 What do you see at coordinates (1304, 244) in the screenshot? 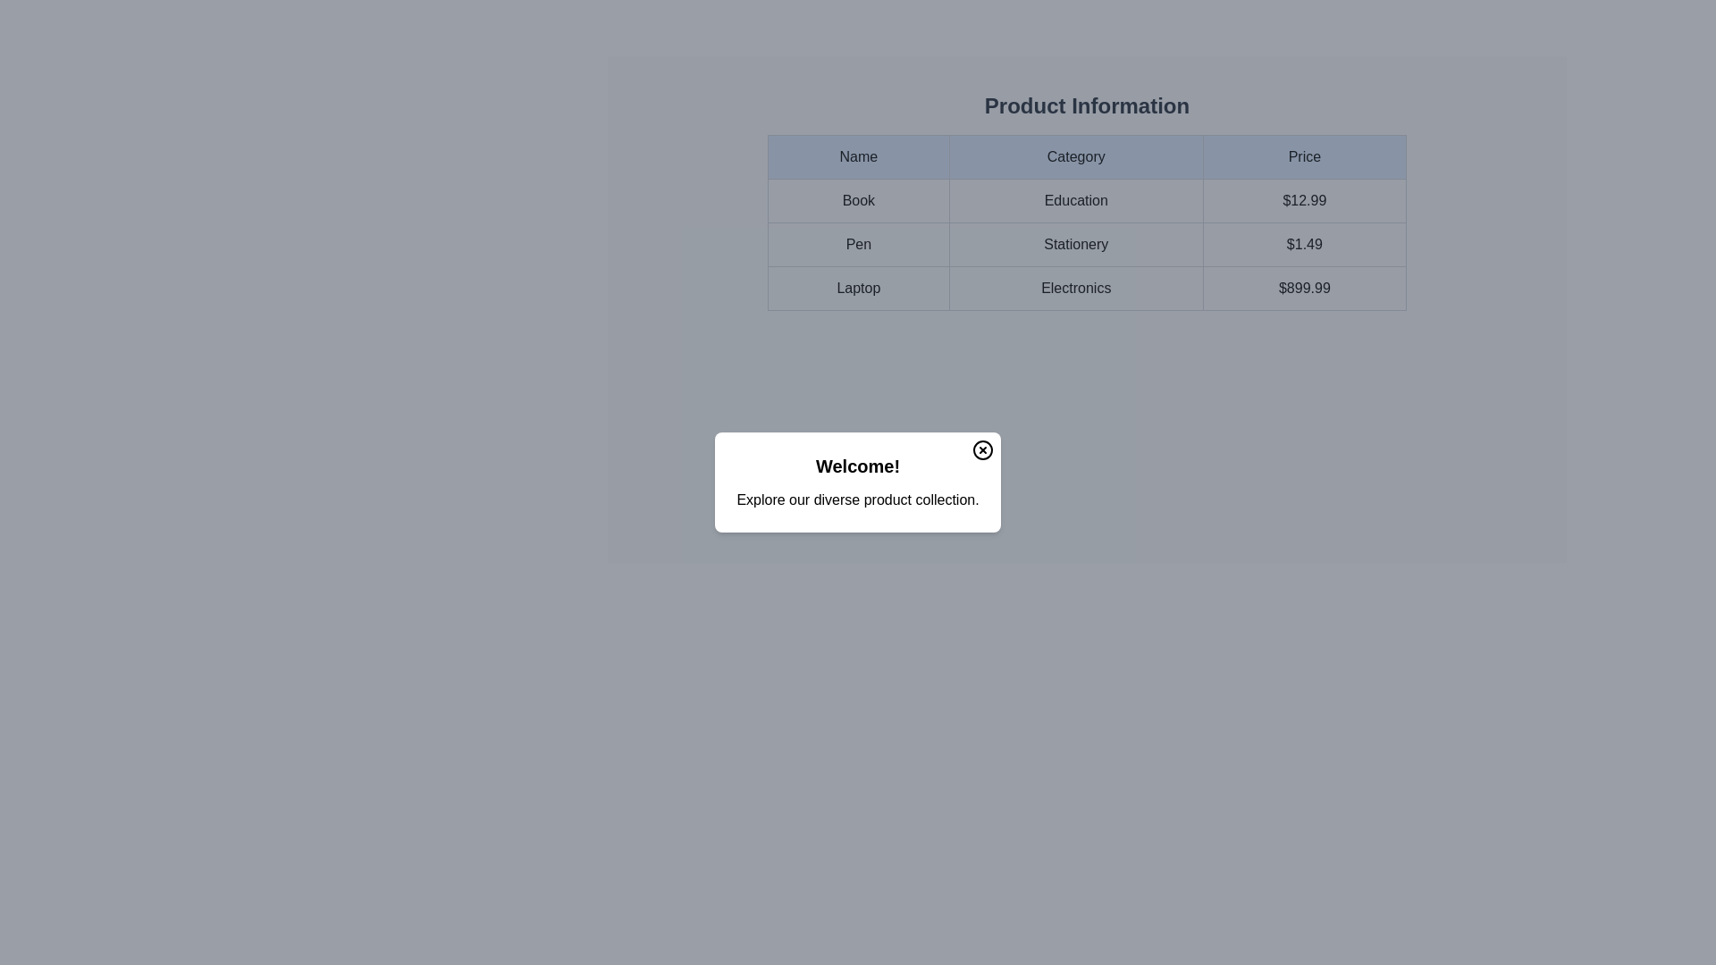
I see `the price Text label for the product categorized as 'Stationery', located in the last column of the second row in the table` at bounding box center [1304, 244].